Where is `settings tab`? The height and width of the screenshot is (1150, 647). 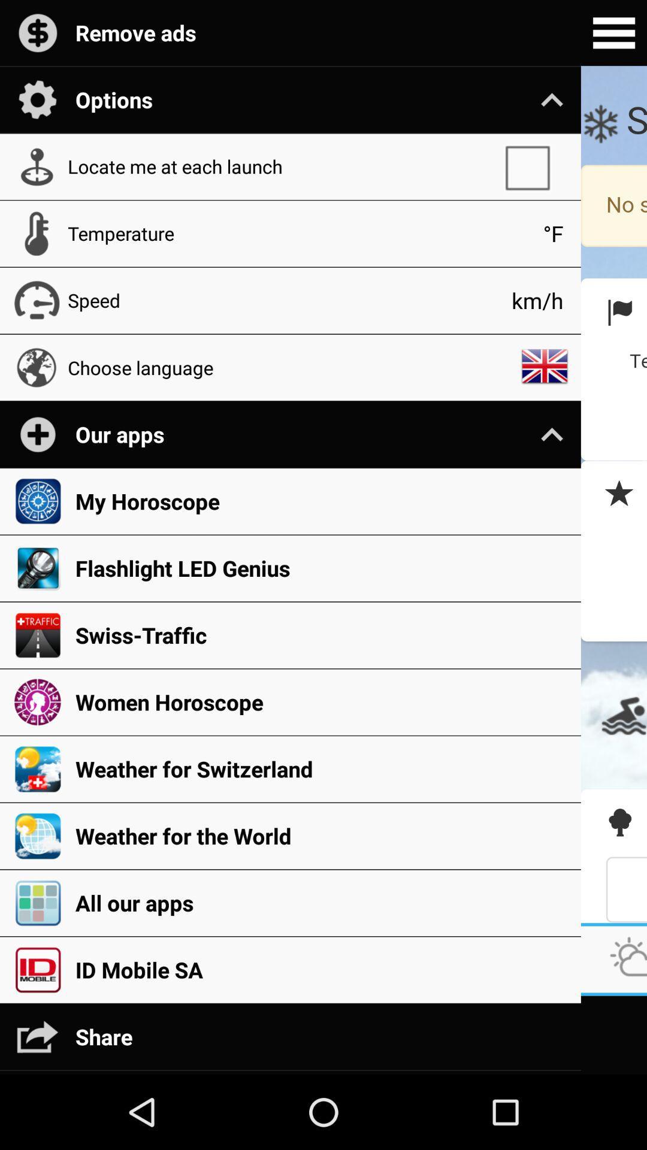
settings tab is located at coordinates (613, 33).